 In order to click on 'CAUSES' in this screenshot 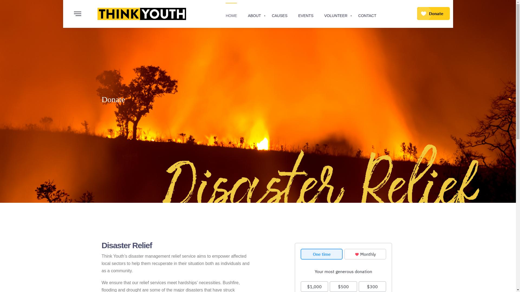, I will do `click(279, 14)`.